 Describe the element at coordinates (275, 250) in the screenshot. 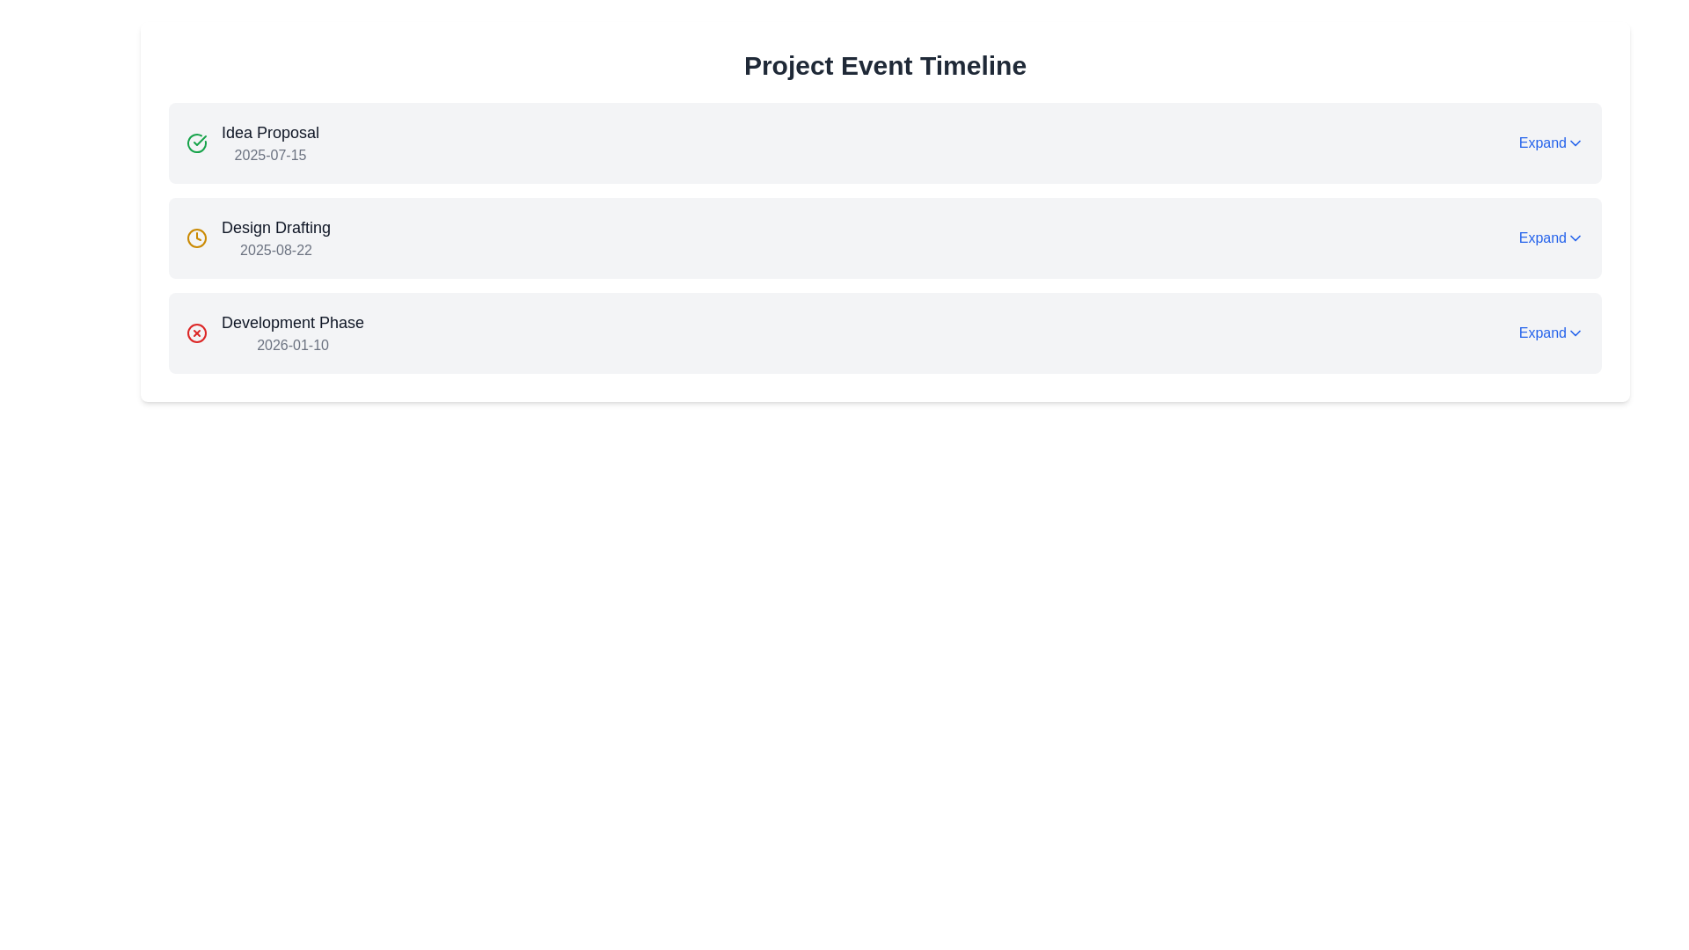

I see `text displaying the date '2025-08-22' in grey color, which is positioned below 'Design Drafting' in the 'Project Event Timeline' list` at that location.